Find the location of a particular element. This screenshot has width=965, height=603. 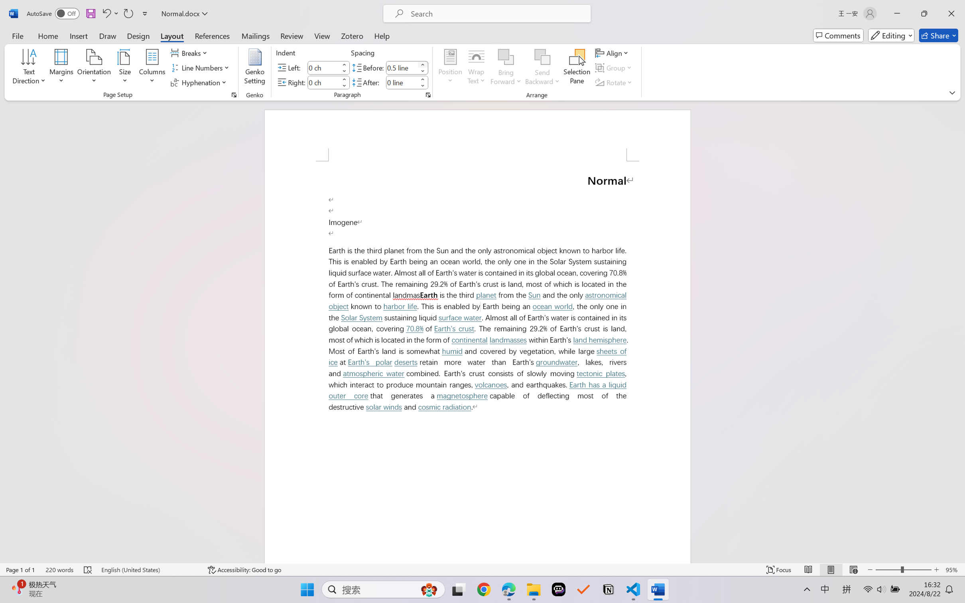

'Wrap Text' is located at coordinates (476, 68).